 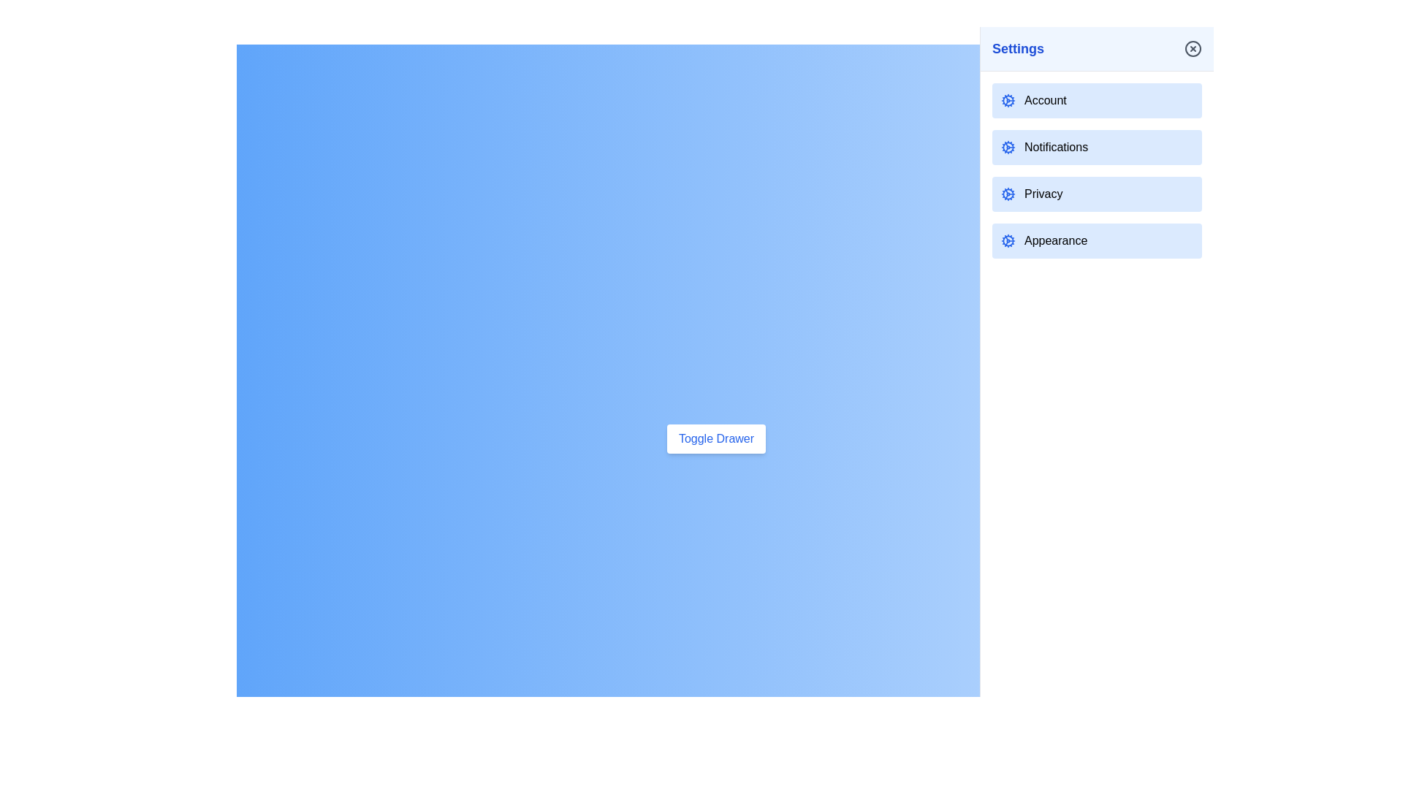 What do you see at coordinates (1193, 47) in the screenshot?
I see `the 'X' button in the drawer header to close the drawer` at bounding box center [1193, 47].